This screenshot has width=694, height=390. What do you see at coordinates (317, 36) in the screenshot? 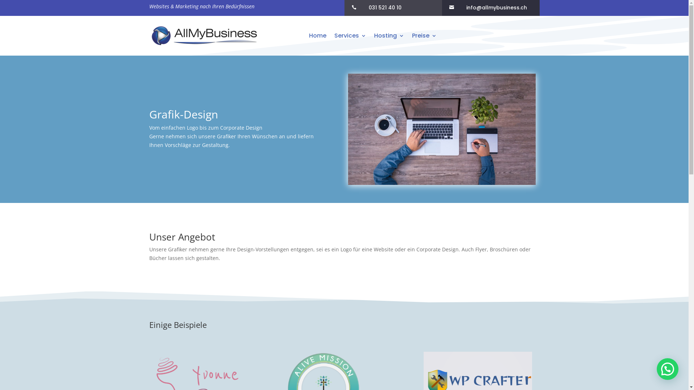
I see `'Home'` at bounding box center [317, 36].